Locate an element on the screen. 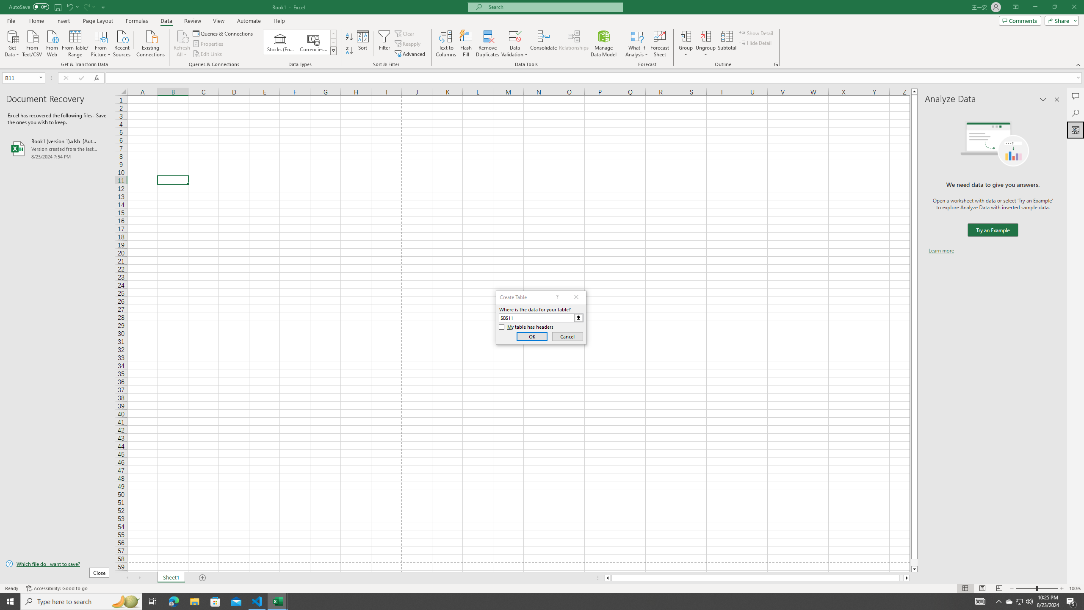  'What-If Analysis' is located at coordinates (637, 44).